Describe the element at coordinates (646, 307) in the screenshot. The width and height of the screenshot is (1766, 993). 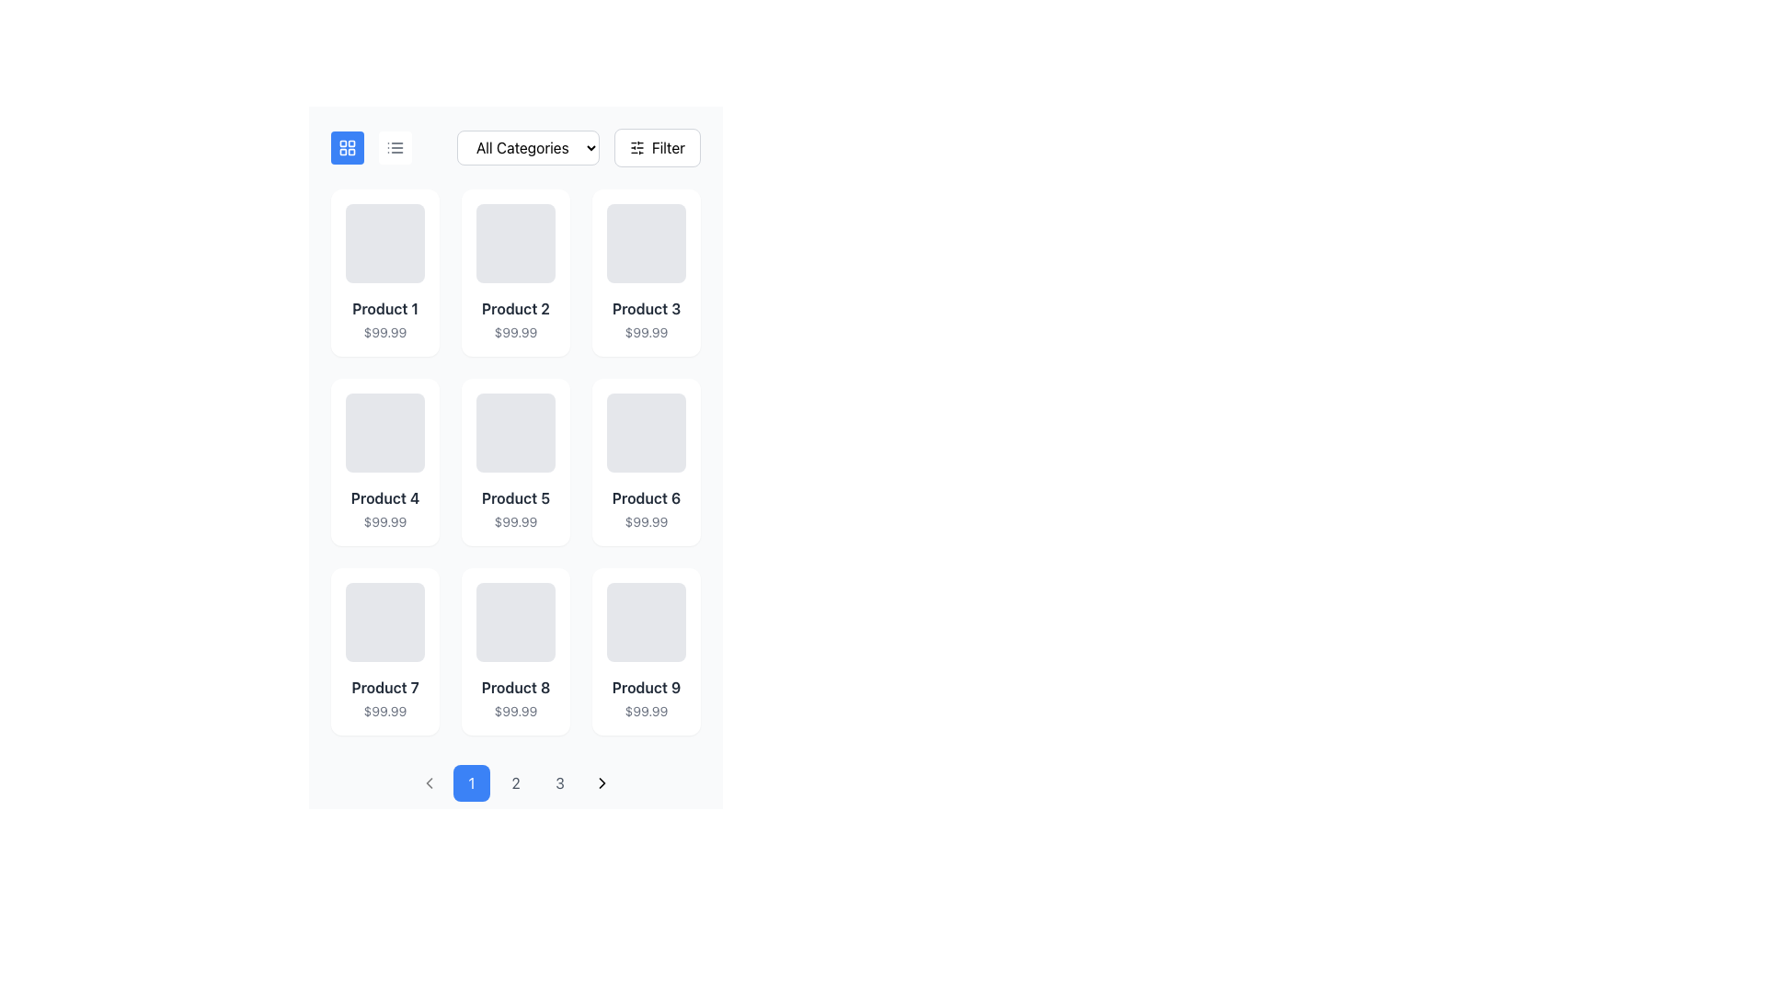
I see `text displayed in the product name label located in the first row and third column of the grid layout` at that location.